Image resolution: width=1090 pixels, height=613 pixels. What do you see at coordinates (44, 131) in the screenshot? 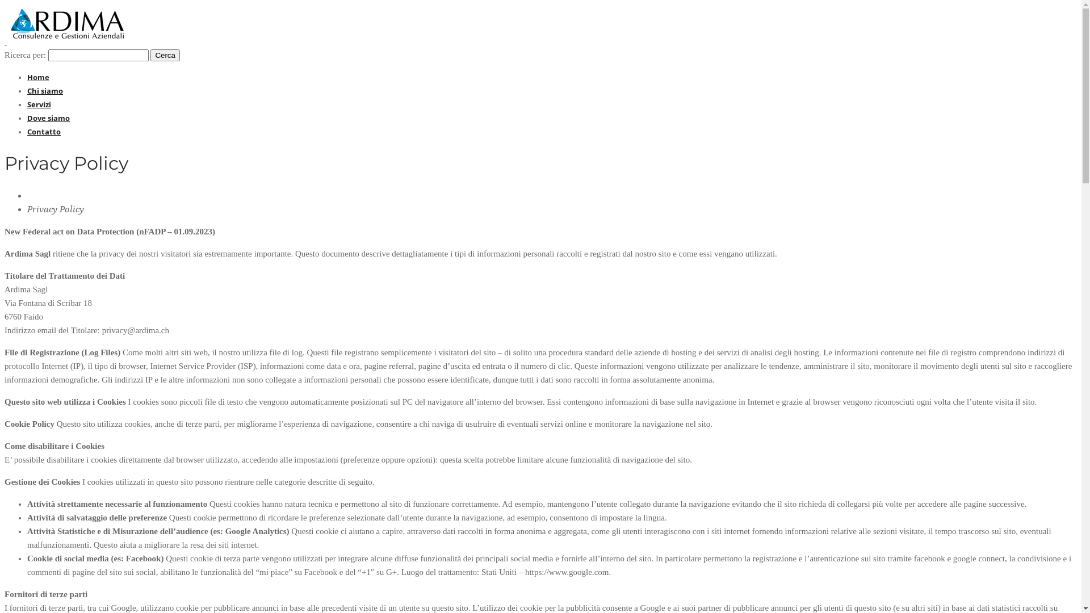
I see `'Contatto'` at bounding box center [44, 131].